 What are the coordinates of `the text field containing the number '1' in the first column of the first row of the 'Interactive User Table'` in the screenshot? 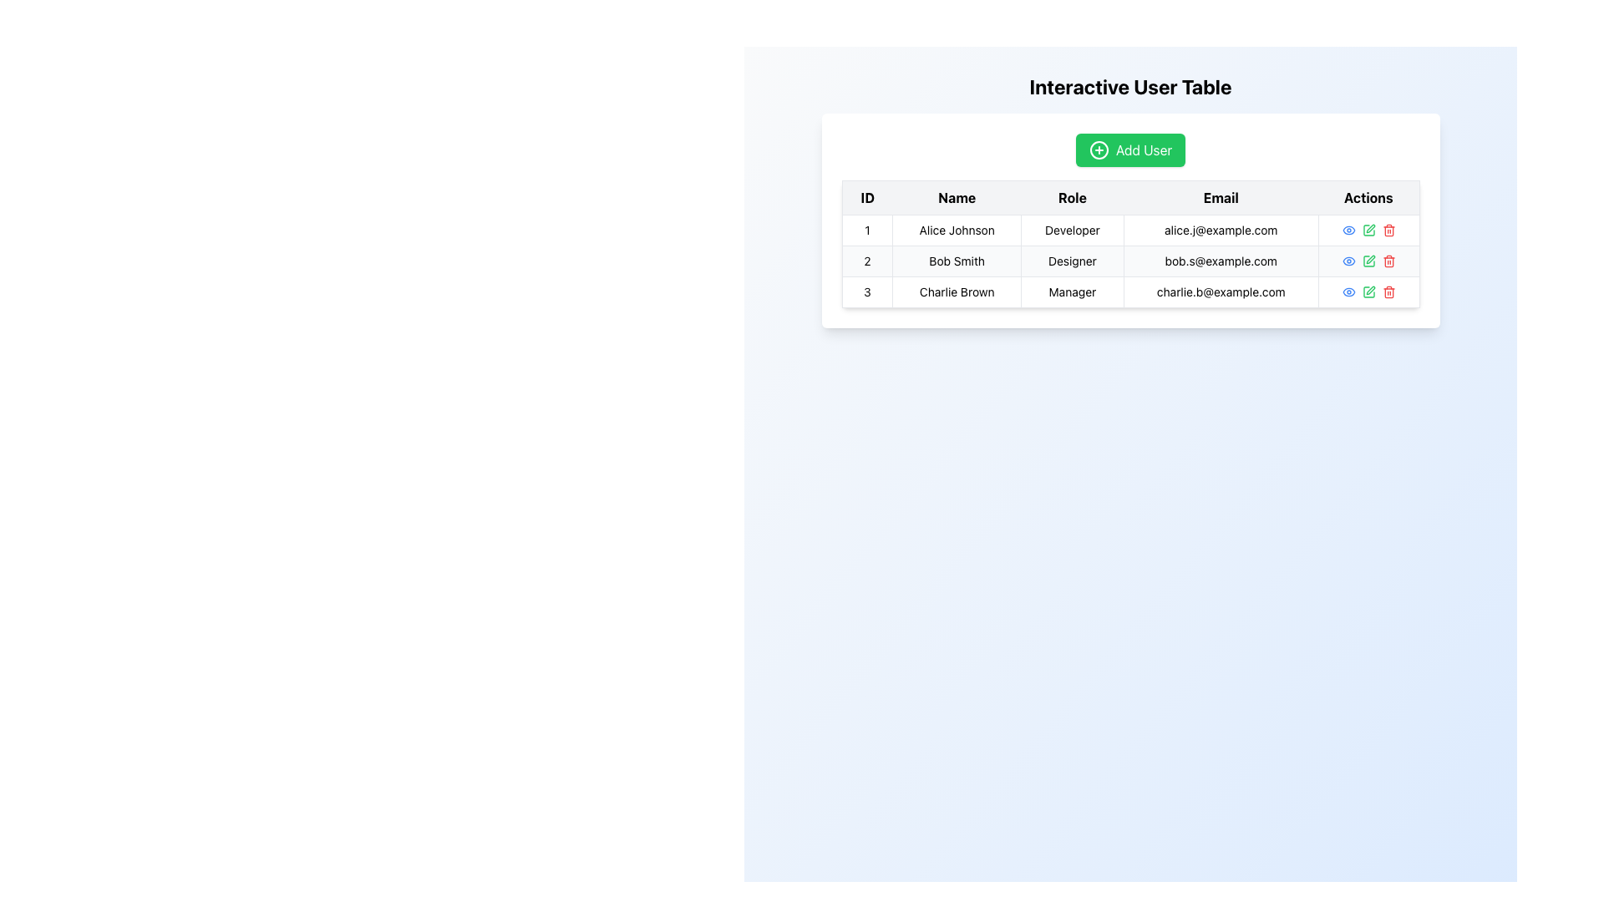 It's located at (867, 231).